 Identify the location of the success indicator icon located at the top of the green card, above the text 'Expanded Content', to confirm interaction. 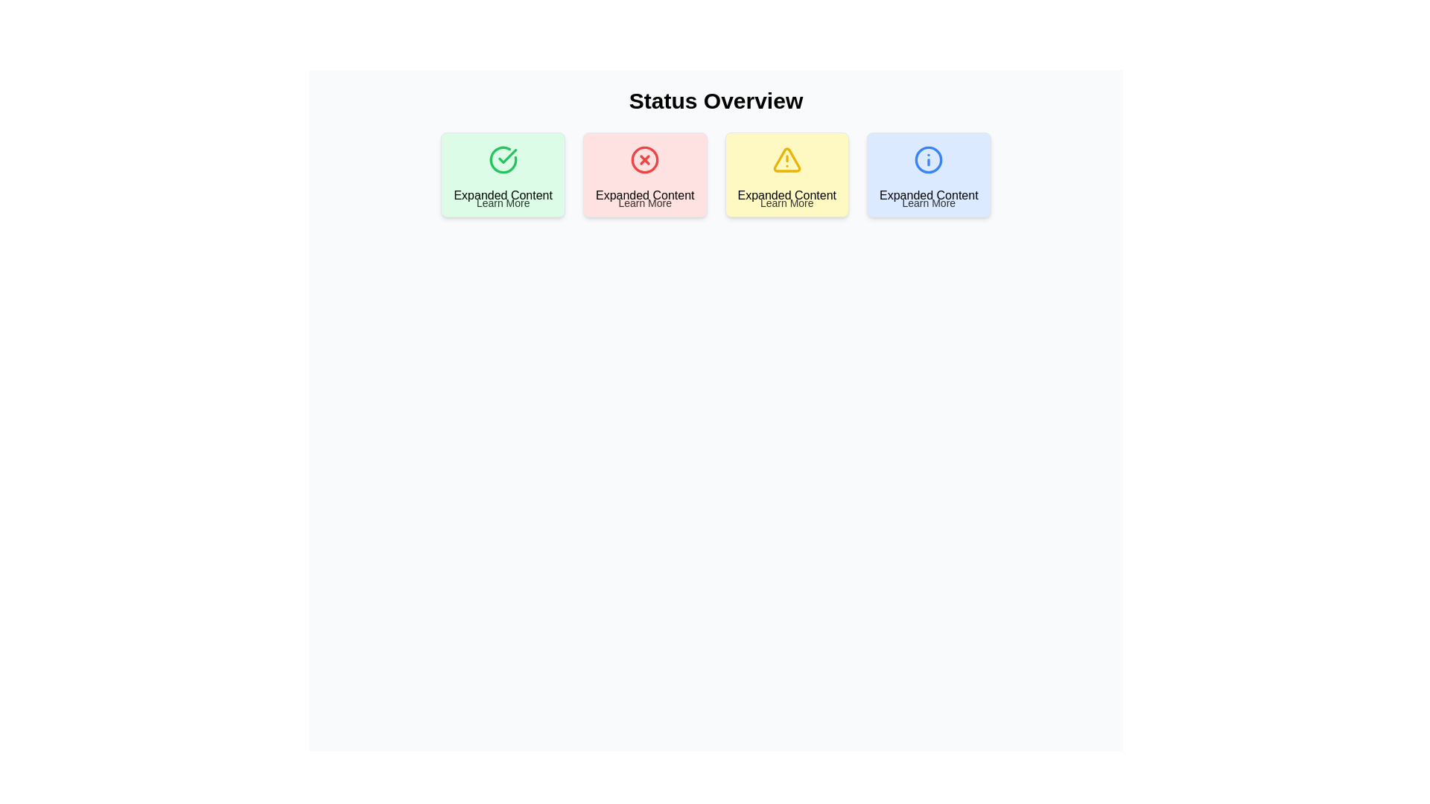
(503, 160).